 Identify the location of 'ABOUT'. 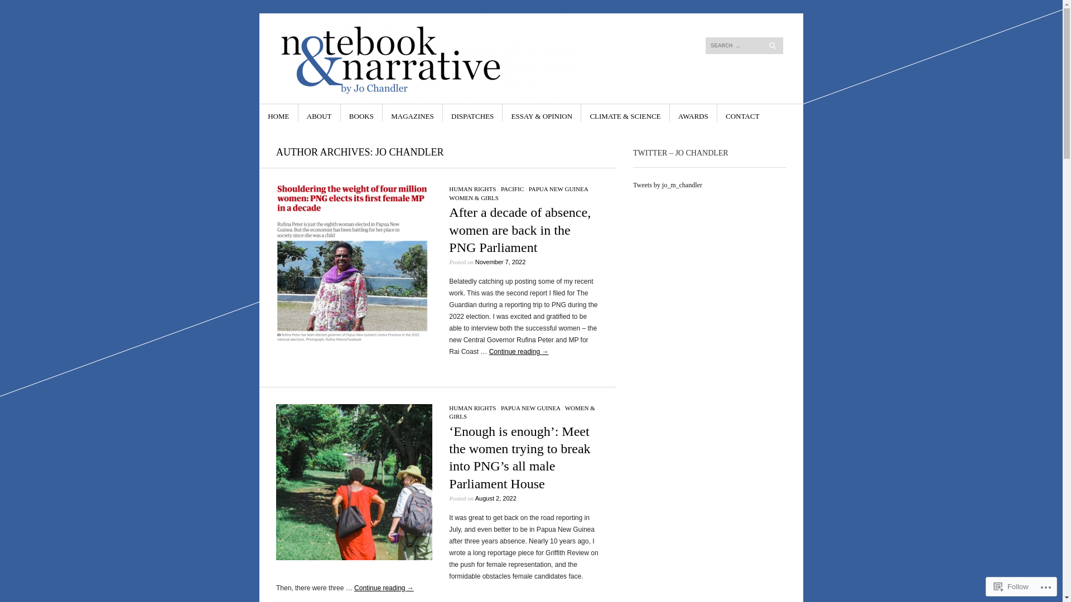
(319, 113).